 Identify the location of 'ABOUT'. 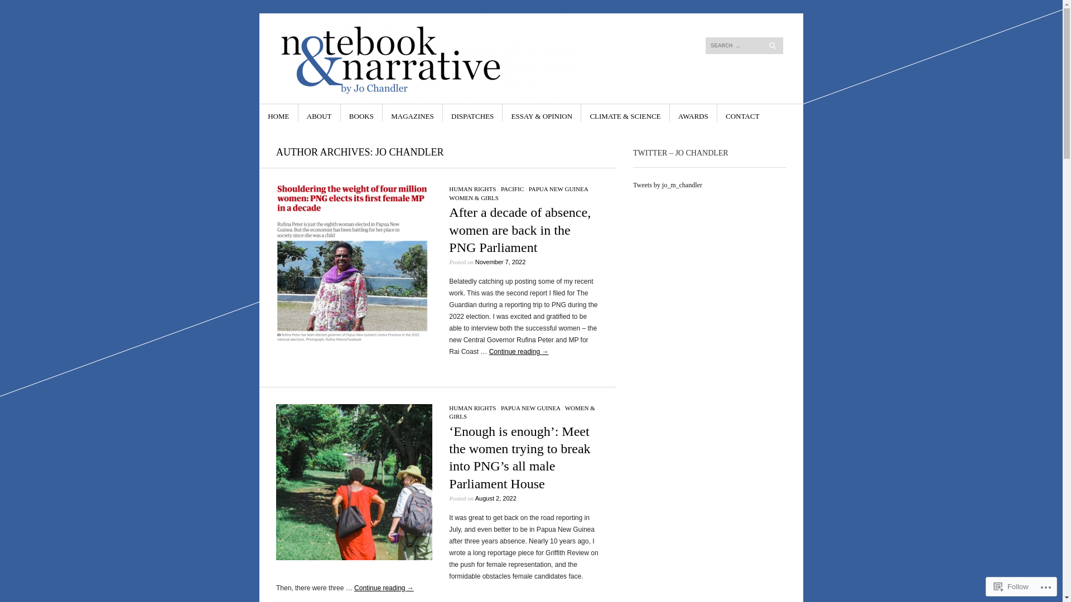
(319, 113).